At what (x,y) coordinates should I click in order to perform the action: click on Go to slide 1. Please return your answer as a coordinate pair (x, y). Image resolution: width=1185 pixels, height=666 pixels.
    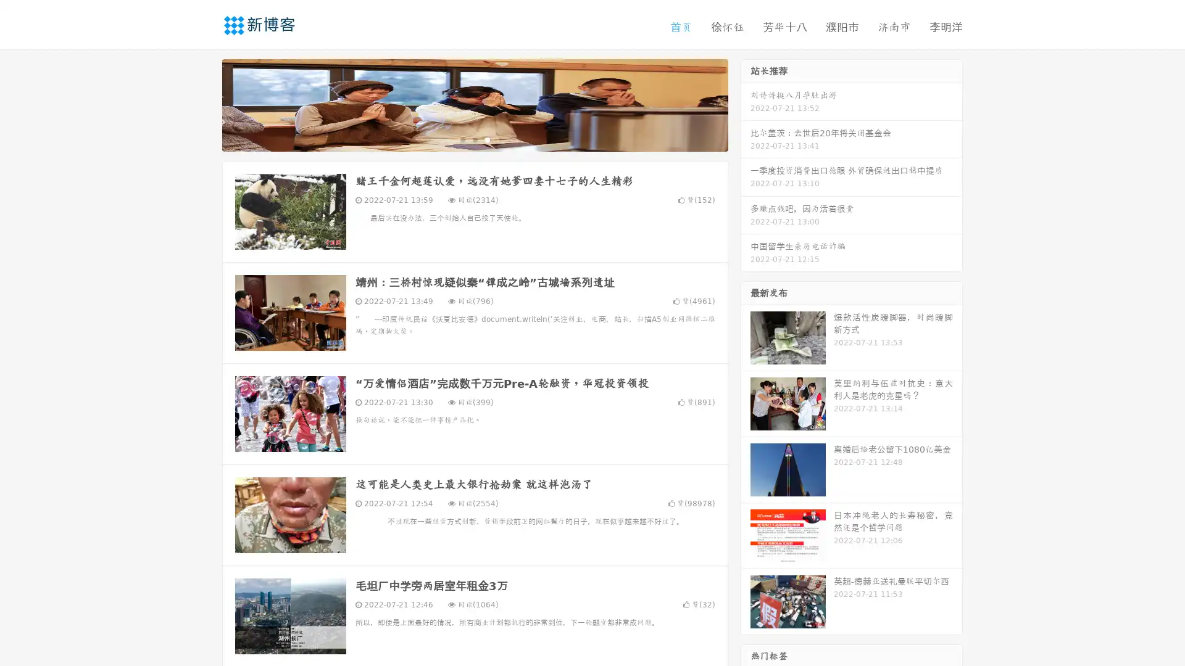
    Looking at the image, I should click on (462, 139).